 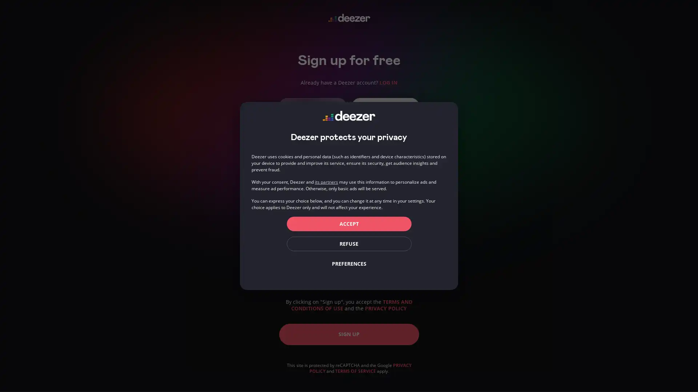 What do you see at coordinates (348, 224) in the screenshot?
I see `ACCEPT` at bounding box center [348, 224].